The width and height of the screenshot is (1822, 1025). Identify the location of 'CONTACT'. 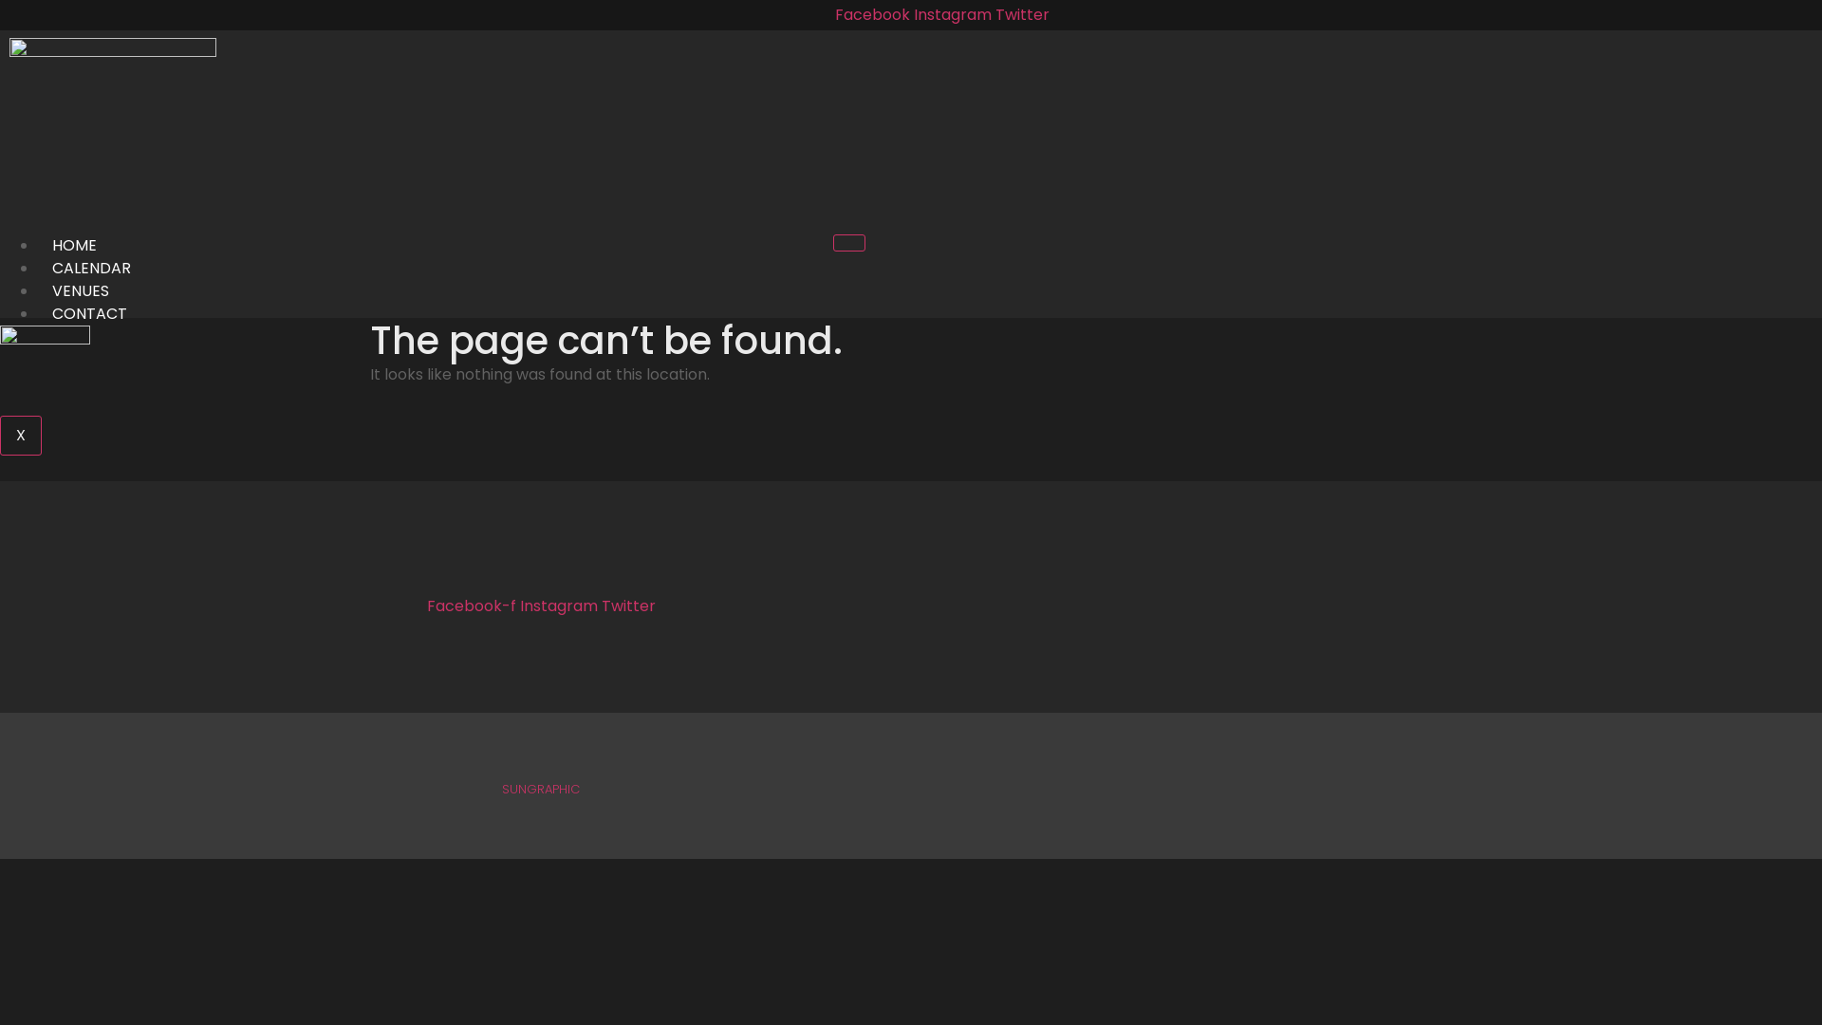
(88, 312).